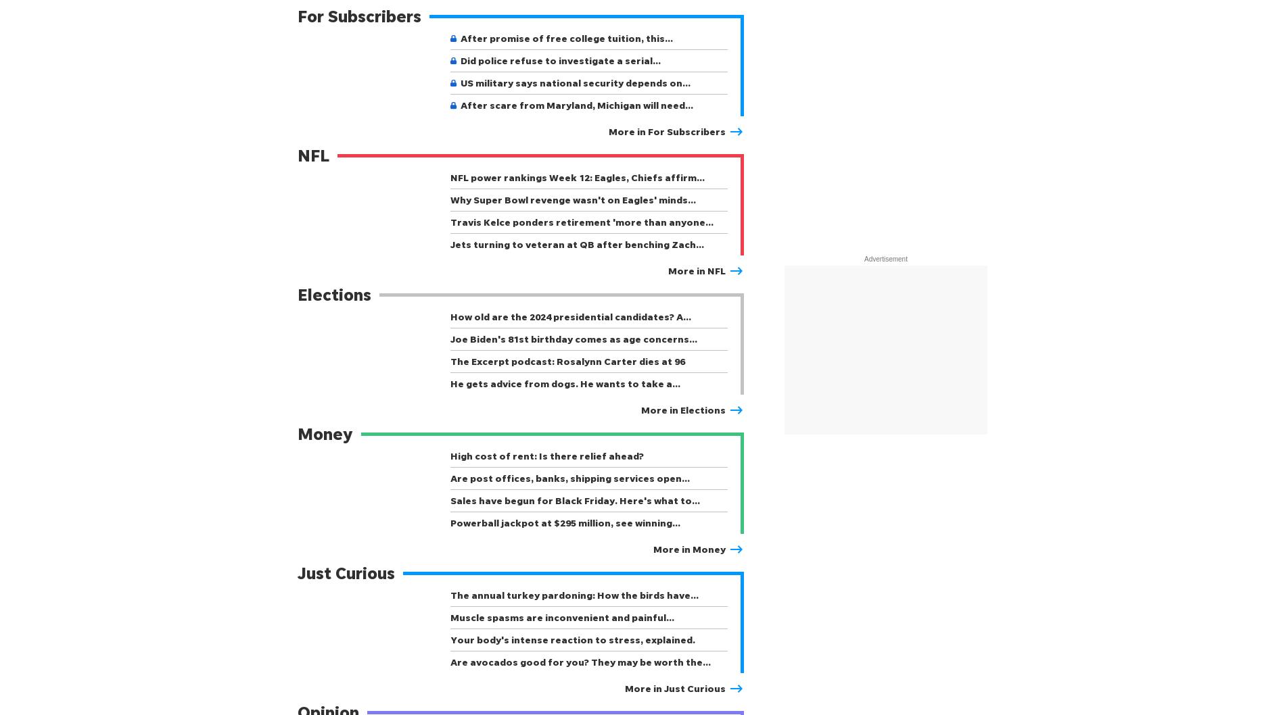  What do you see at coordinates (667, 131) in the screenshot?
I see `'More in For Subscribers'` at bounding box center [667, 131].